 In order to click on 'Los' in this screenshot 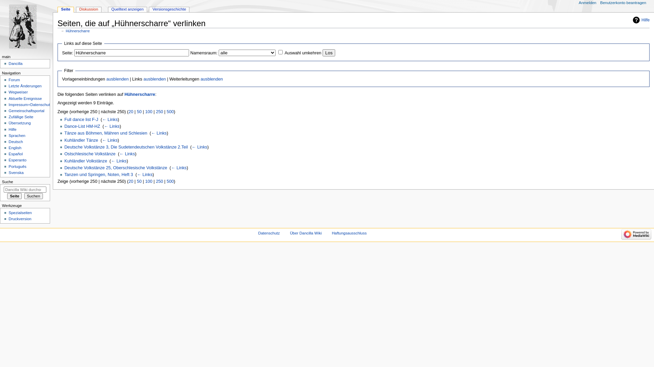, I will do `click(329, 52)`.